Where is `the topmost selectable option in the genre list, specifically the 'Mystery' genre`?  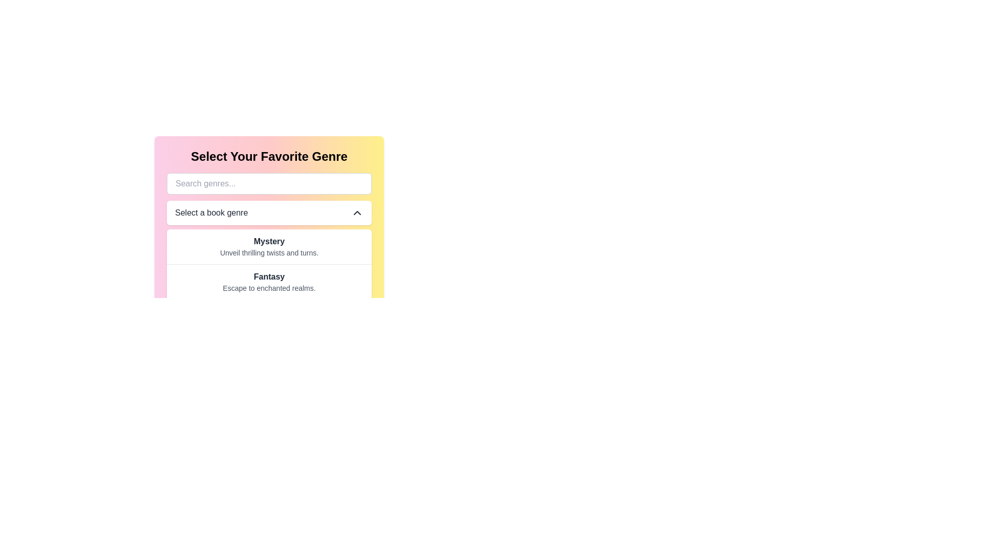
the topmost selectable option in the genre list, specifically the 'Mystery' genre is located at coordinates (269, 247).